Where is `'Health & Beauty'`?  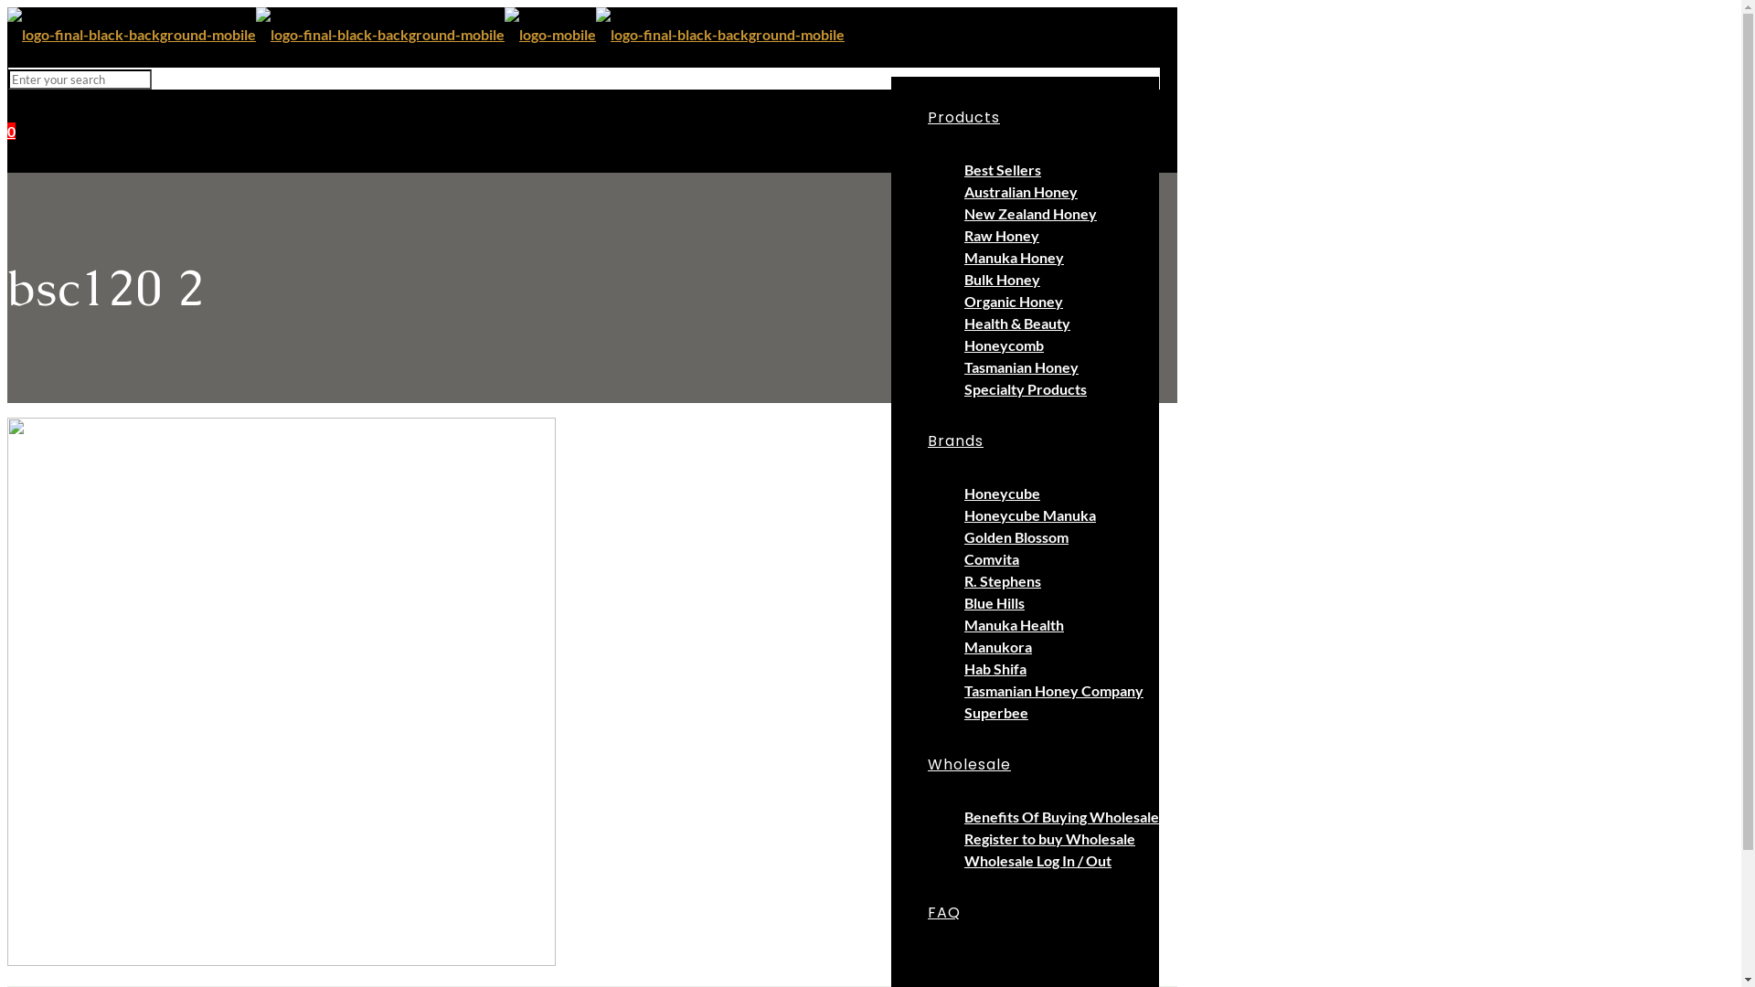 'Health & Beauty' is located at coordinates (1016, 322).